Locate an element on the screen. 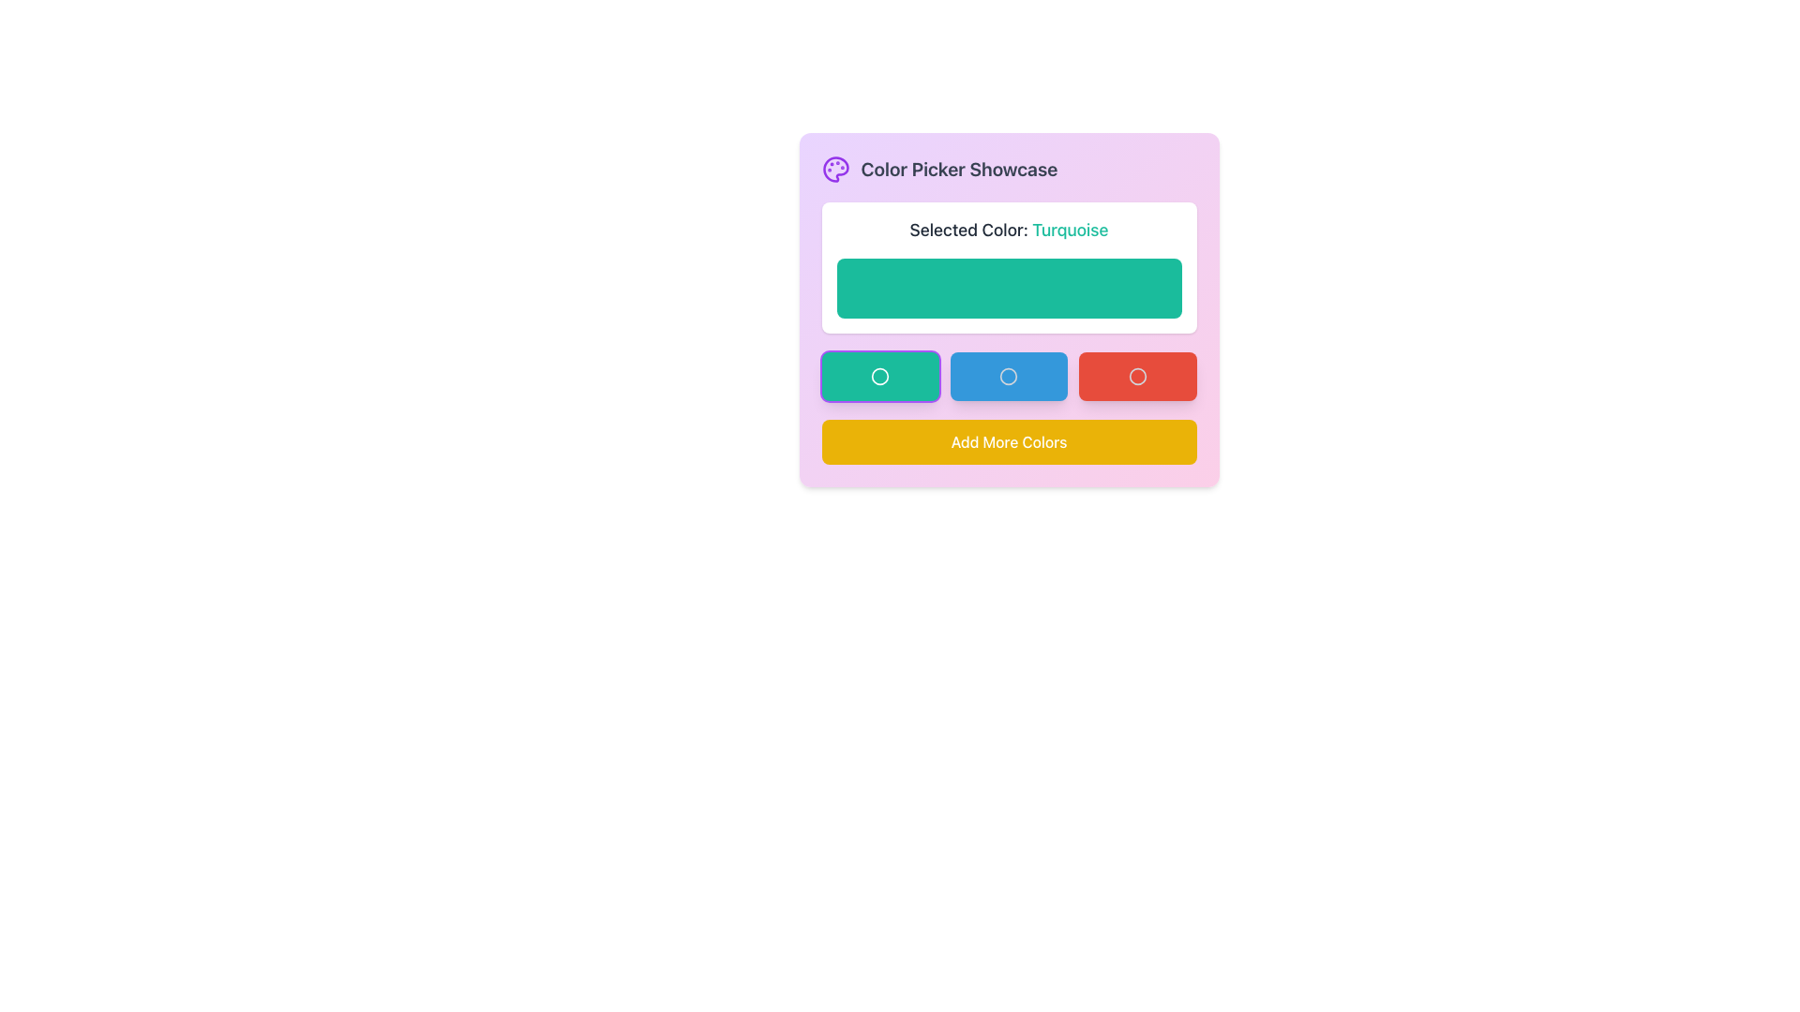 The image size is (1800, 1012). the text label that states 'Selected Color: Turquoise', which is styled with a medium font size and centered alignment, located above a turquoise rectangular box is located at coordinates (1008, 230).